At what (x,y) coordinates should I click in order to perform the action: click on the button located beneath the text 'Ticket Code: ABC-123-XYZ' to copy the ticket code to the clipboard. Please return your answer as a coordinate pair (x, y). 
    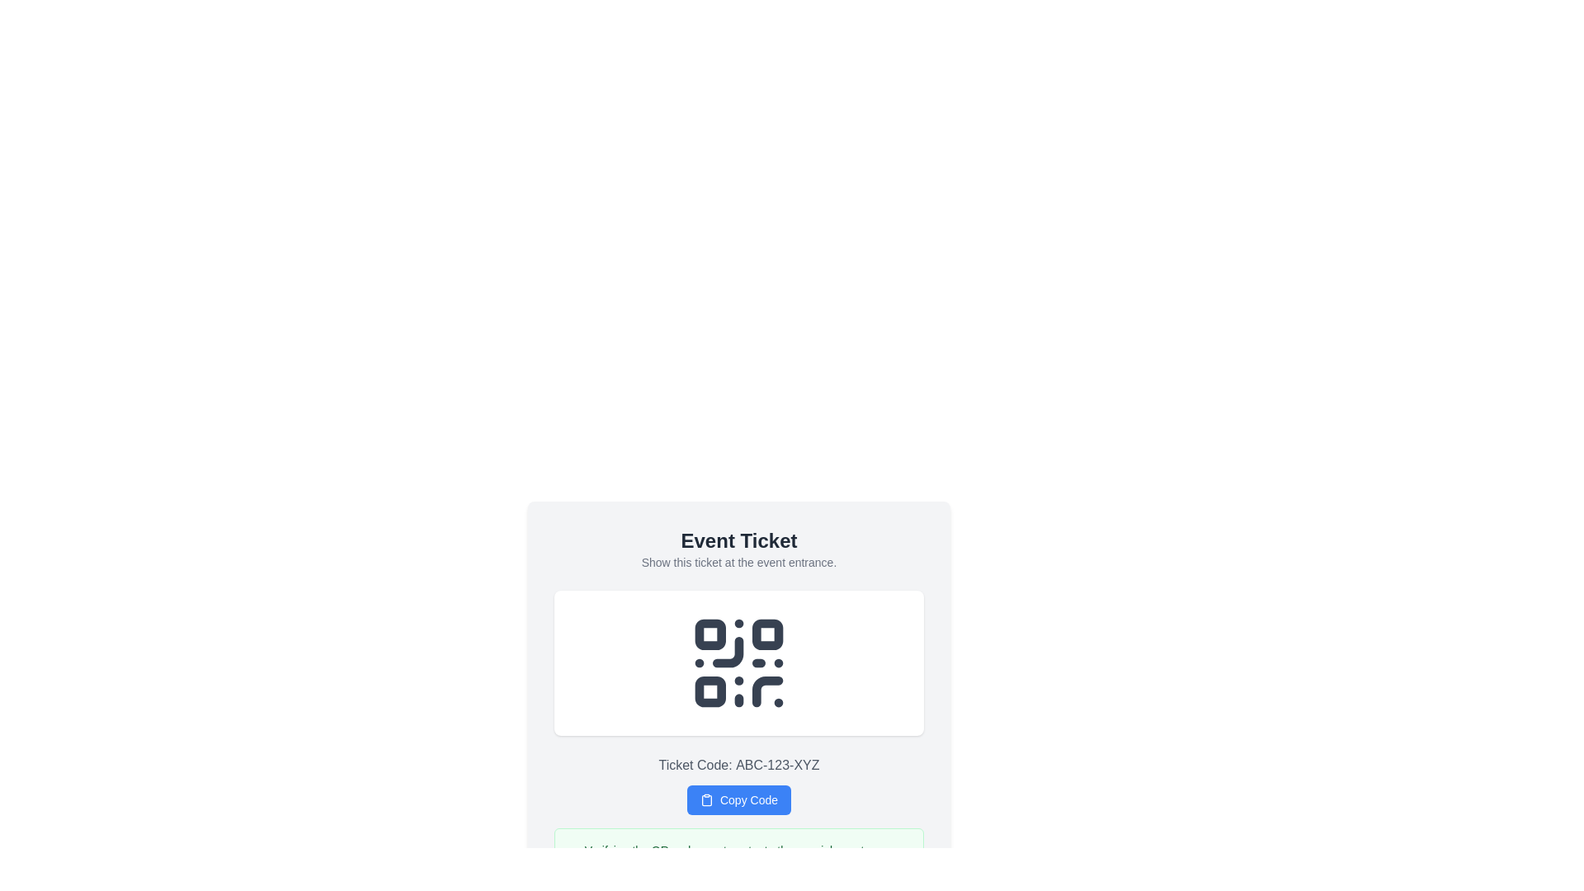
    Looking at the image, I should click on (738, 799).